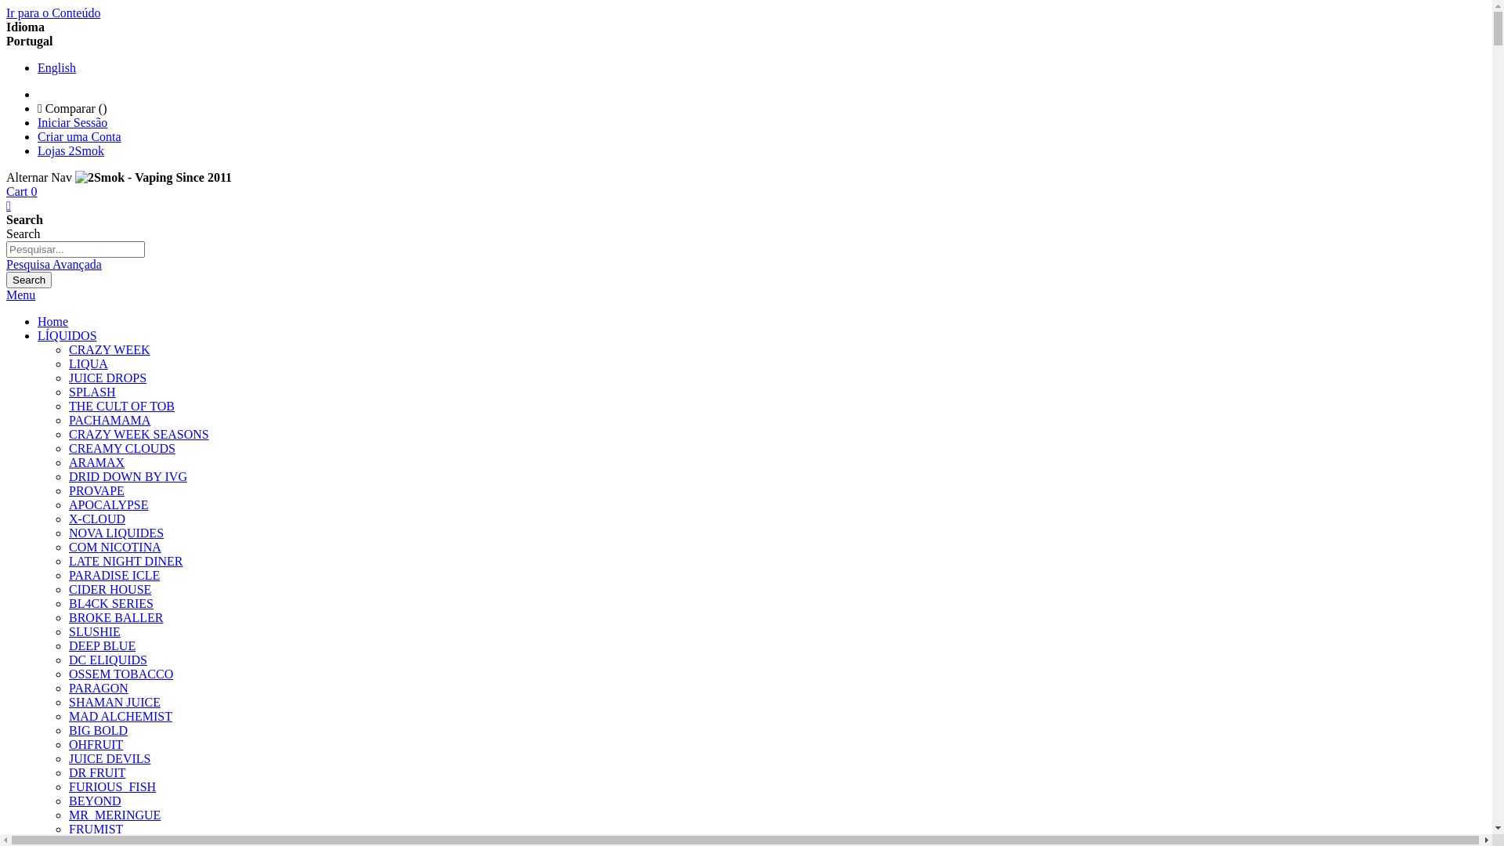  What do you see at coordinates (108, 419) in the screenshot?
I see `'PACHAMAMA'` at bounding box center [108, 419].